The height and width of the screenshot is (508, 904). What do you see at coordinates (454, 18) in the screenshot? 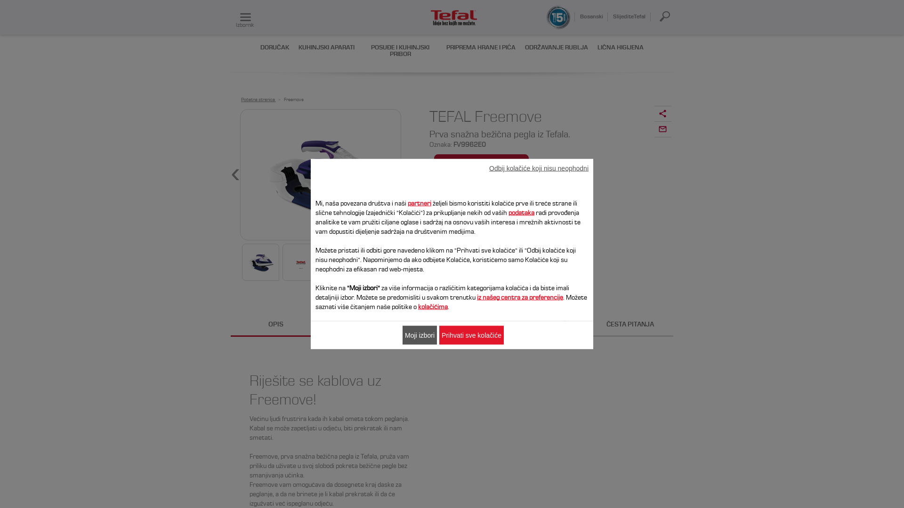
I see `'Logo-Tefal-BA.png'` at bounding box center [454, 18].